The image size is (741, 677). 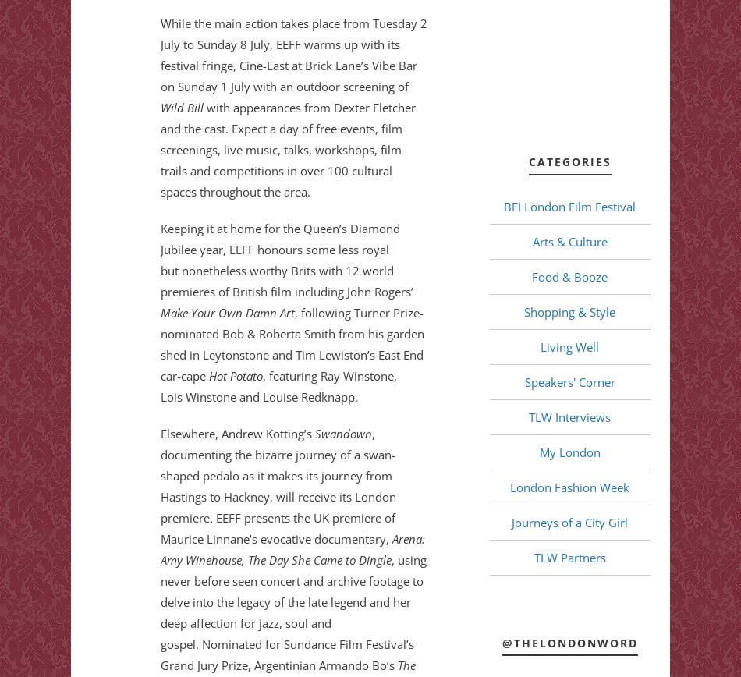 What do you see at coordinates (291, 344) in the screenshot?
I see `', following Turner Prize-nominated Bob & Roberta Smith from his garden shed in Leytonstone and Tim Lewiston’s East End car-cape'` at bounding box center [291, 344].